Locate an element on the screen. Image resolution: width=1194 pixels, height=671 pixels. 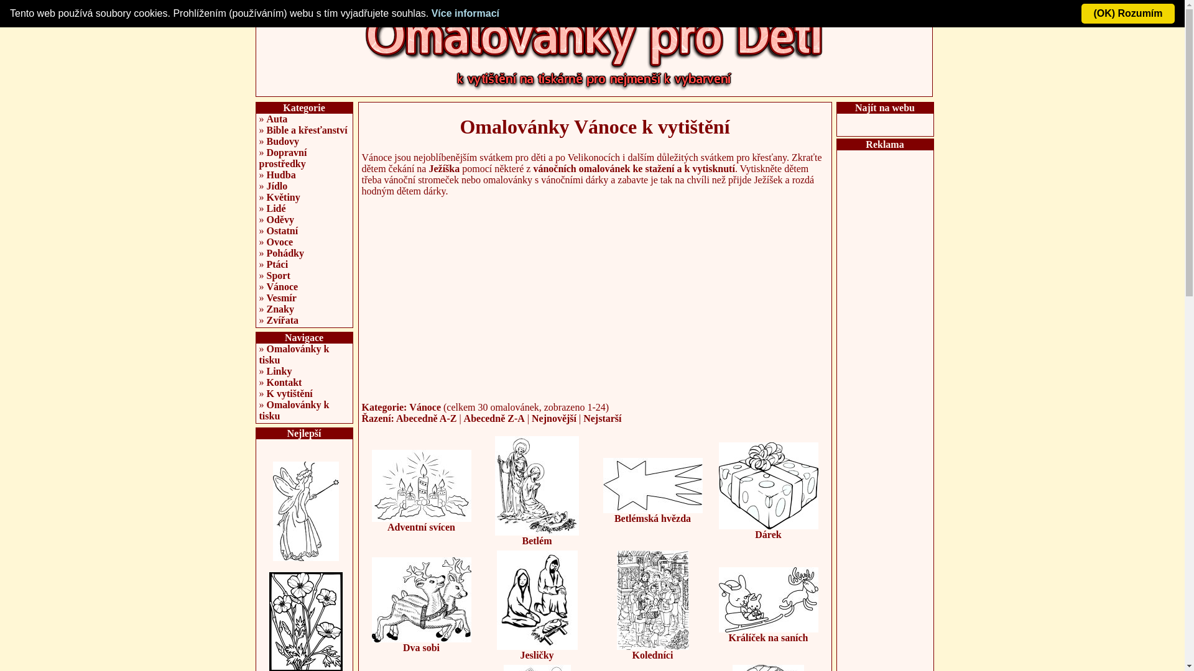
'Dva sobi' is located at coordinates (421, 599).